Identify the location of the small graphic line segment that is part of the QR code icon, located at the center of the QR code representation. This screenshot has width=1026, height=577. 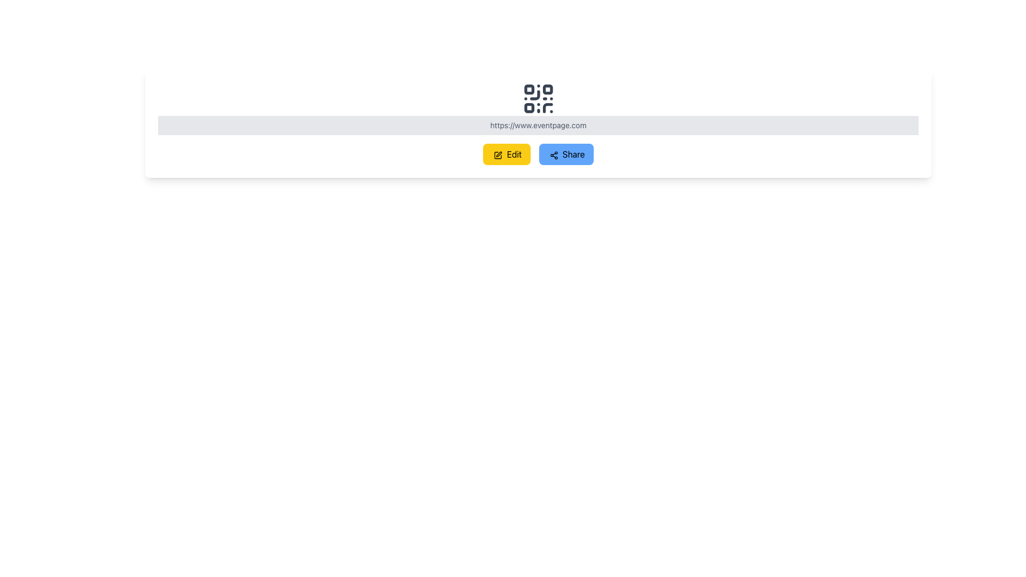
(534, 95).